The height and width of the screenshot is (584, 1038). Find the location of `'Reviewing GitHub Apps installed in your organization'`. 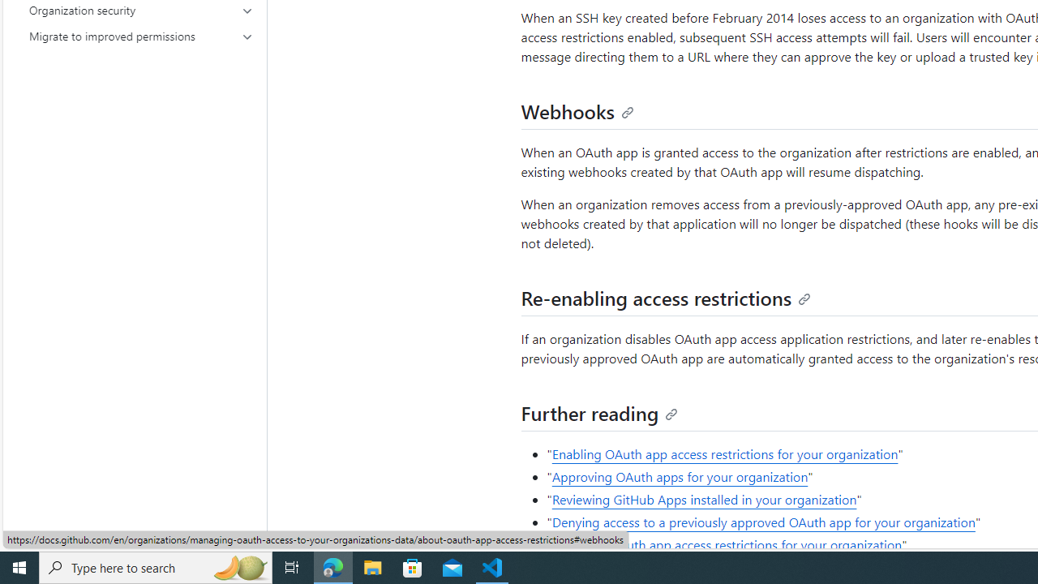

'Reviewing GitHub Apps installed in your organization' is located at coordinates (704, 498).